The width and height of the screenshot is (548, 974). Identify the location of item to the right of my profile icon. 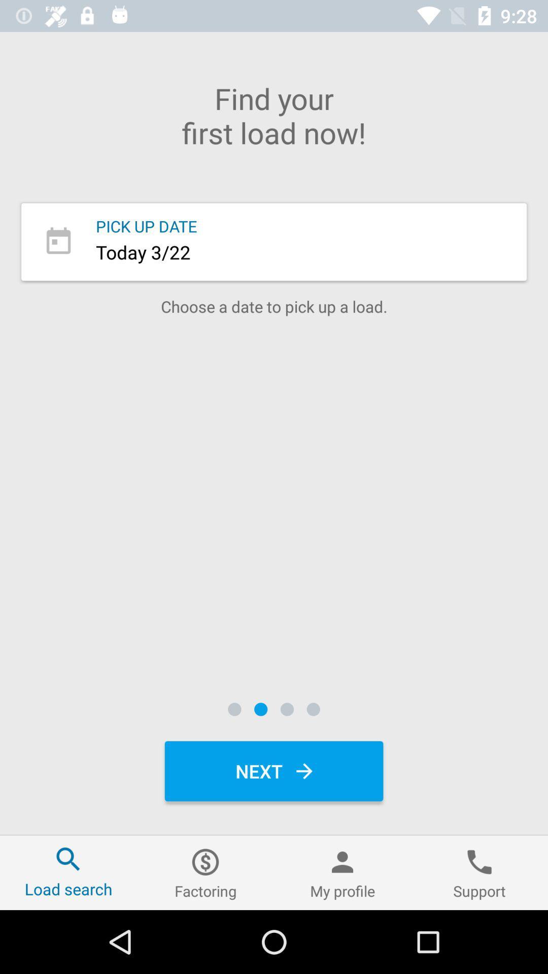
(479, 872).